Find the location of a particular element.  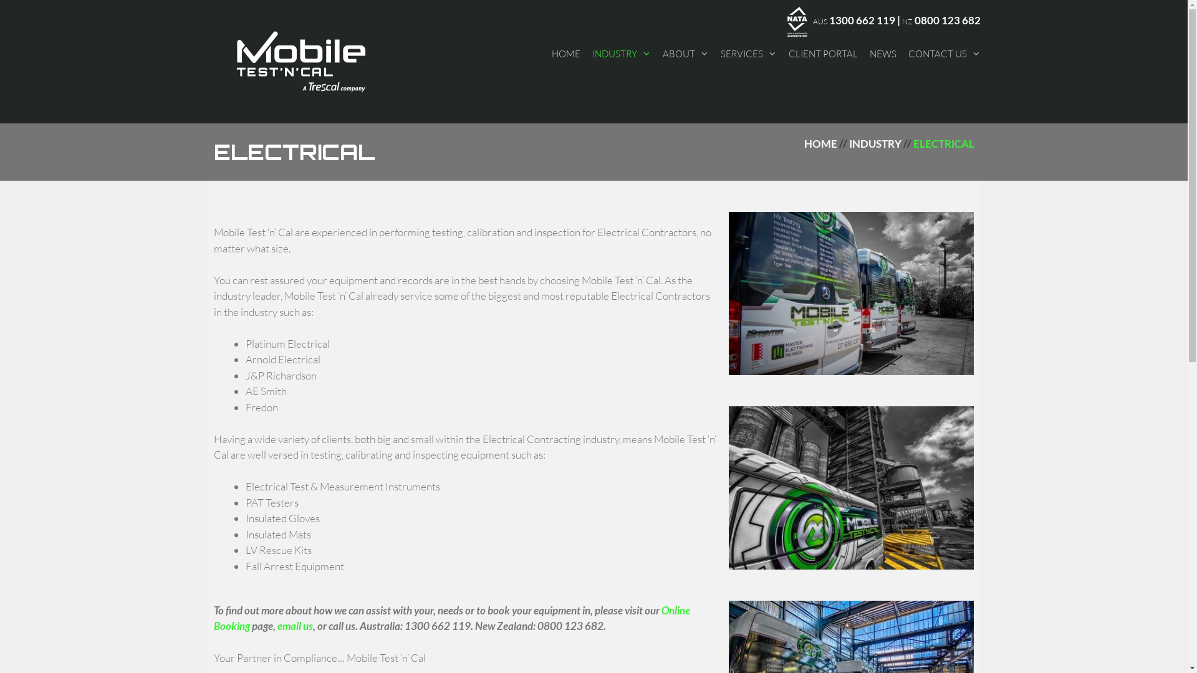

'INDUSTRY' is located at coordinates (592, 52).